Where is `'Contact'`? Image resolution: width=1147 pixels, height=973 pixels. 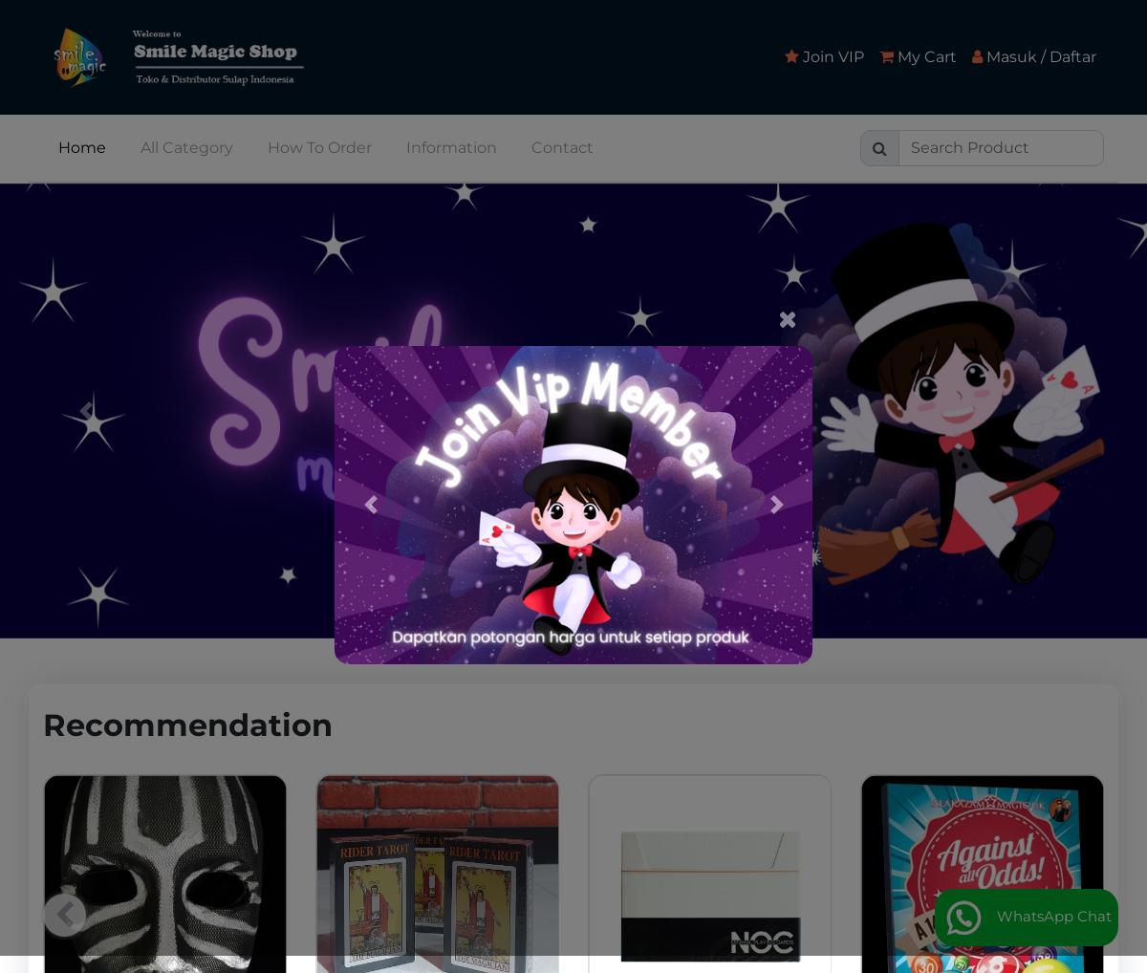 'Contact' is located at coordinates (530, 145).